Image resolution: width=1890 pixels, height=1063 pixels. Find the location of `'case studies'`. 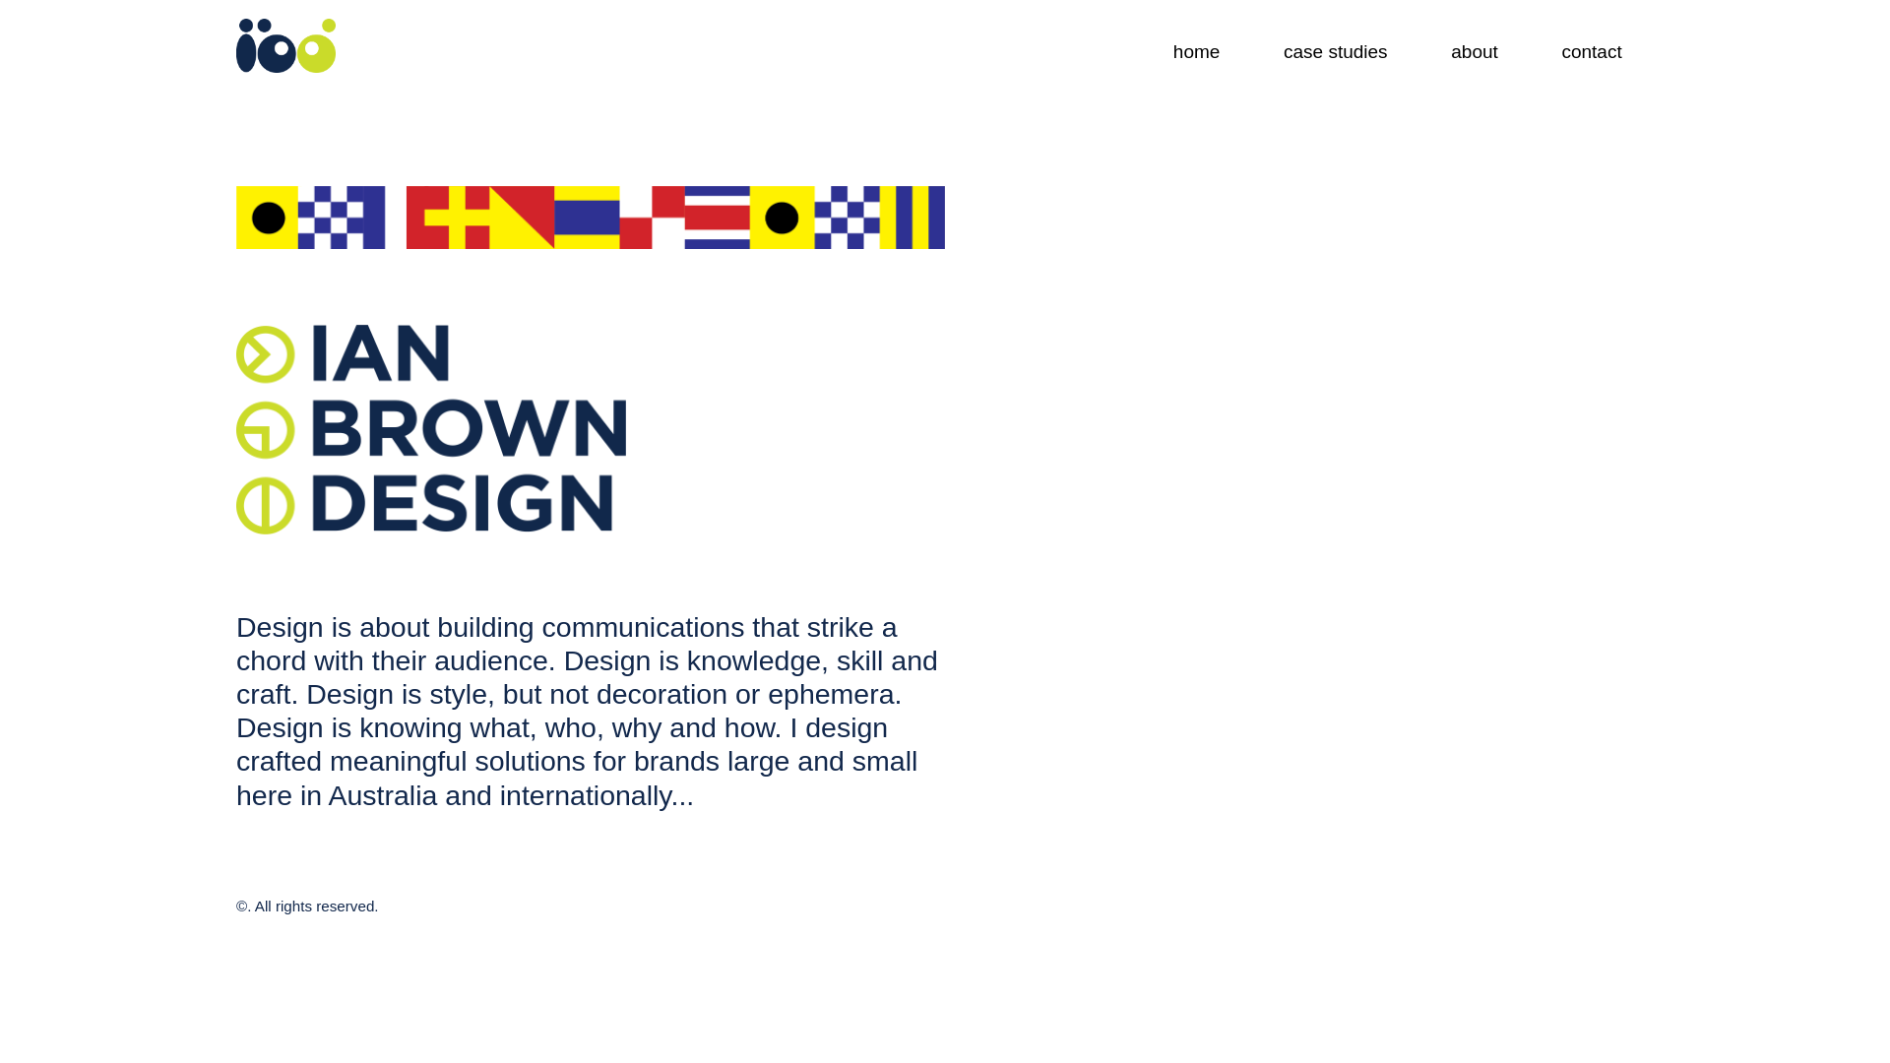

'case studies' is located at coordinates (1336, 50).